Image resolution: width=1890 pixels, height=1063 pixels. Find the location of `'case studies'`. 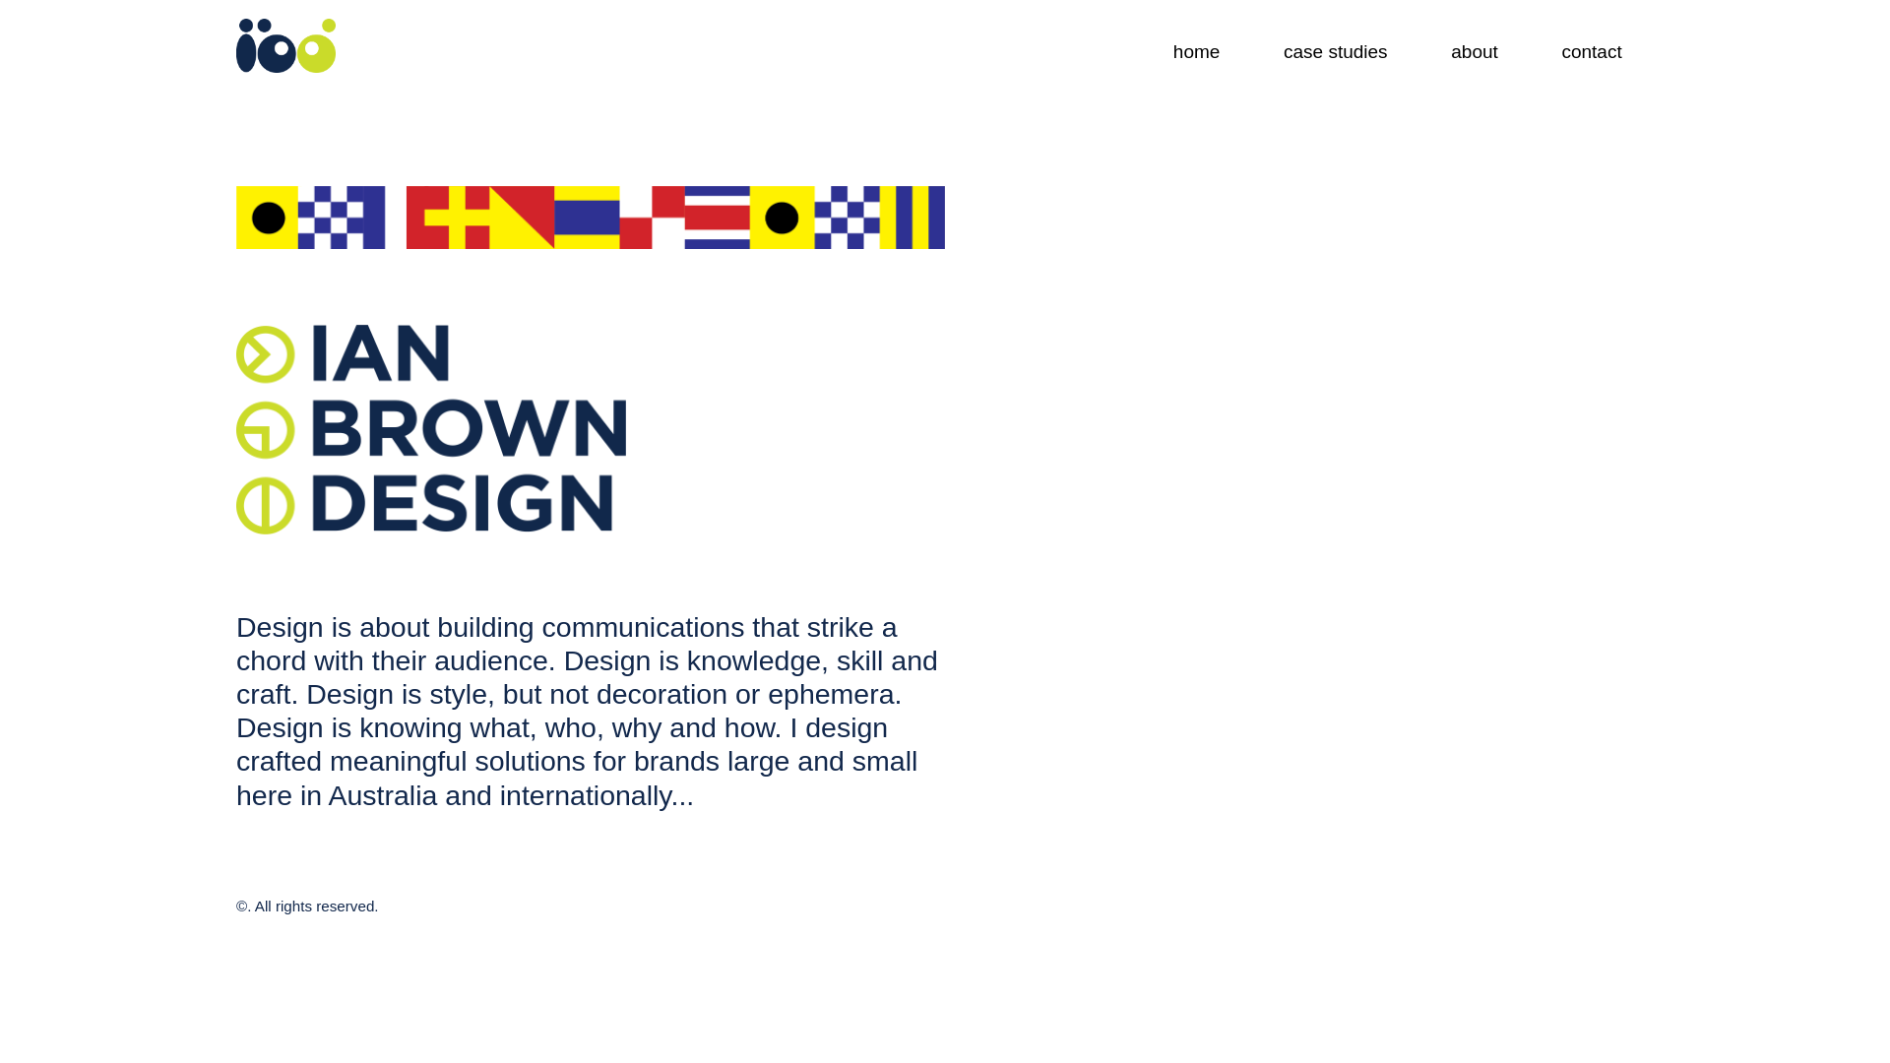

'case studies' is located at coordinates (1336, 50).